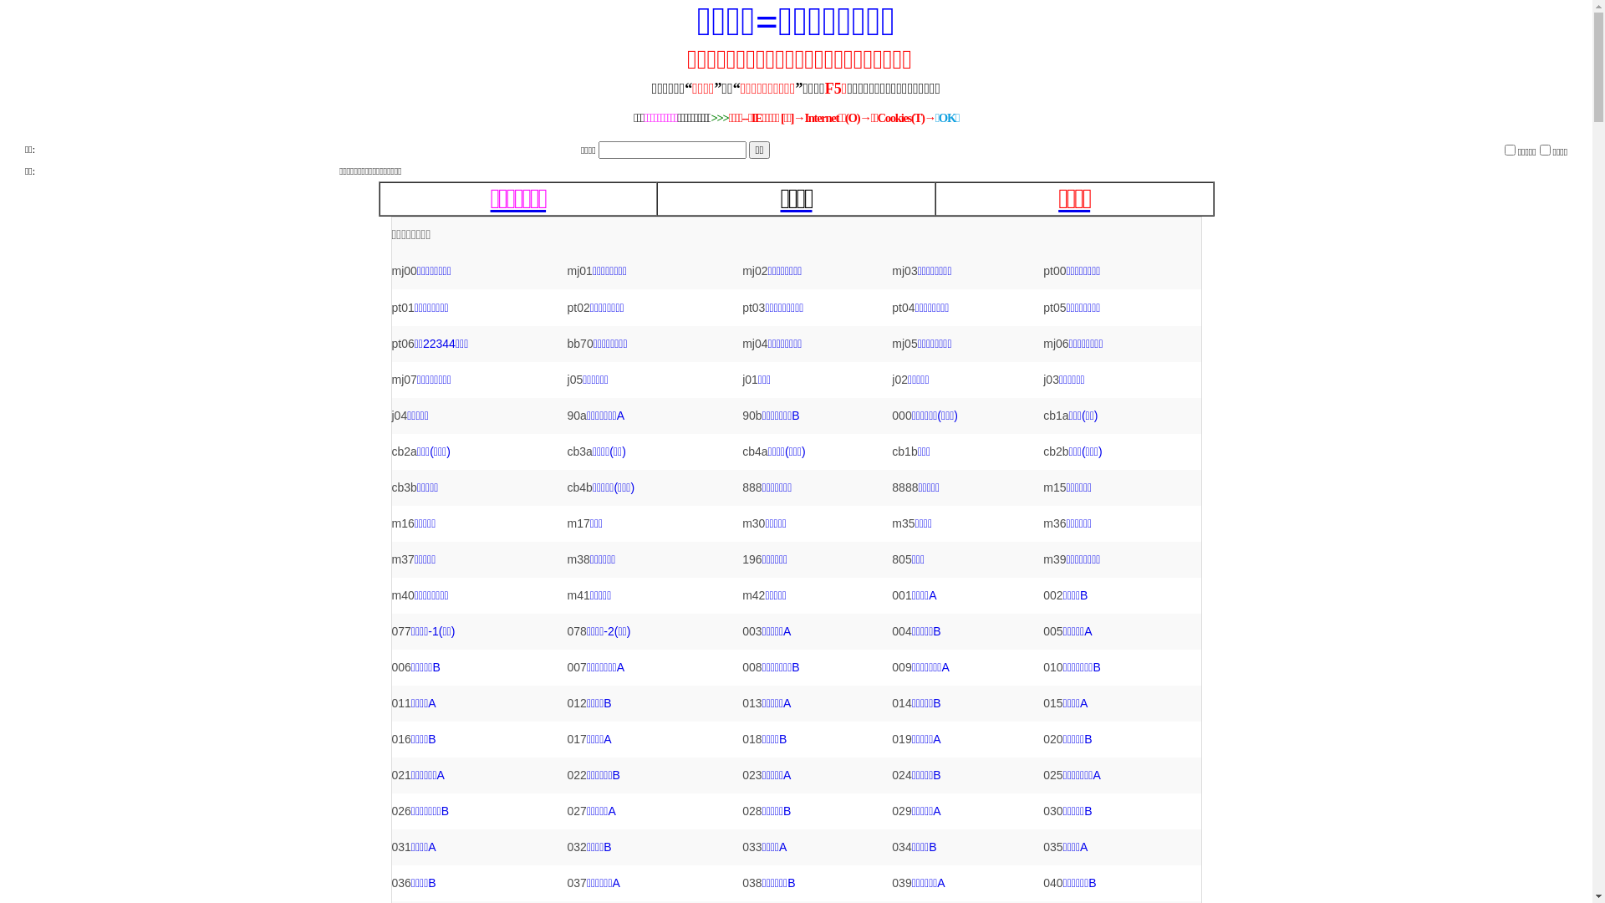 This screenshot has width=1605, height=903. Describe the element at coordinates (902, 522) in the screenshot. I see `'m35'` at that location.